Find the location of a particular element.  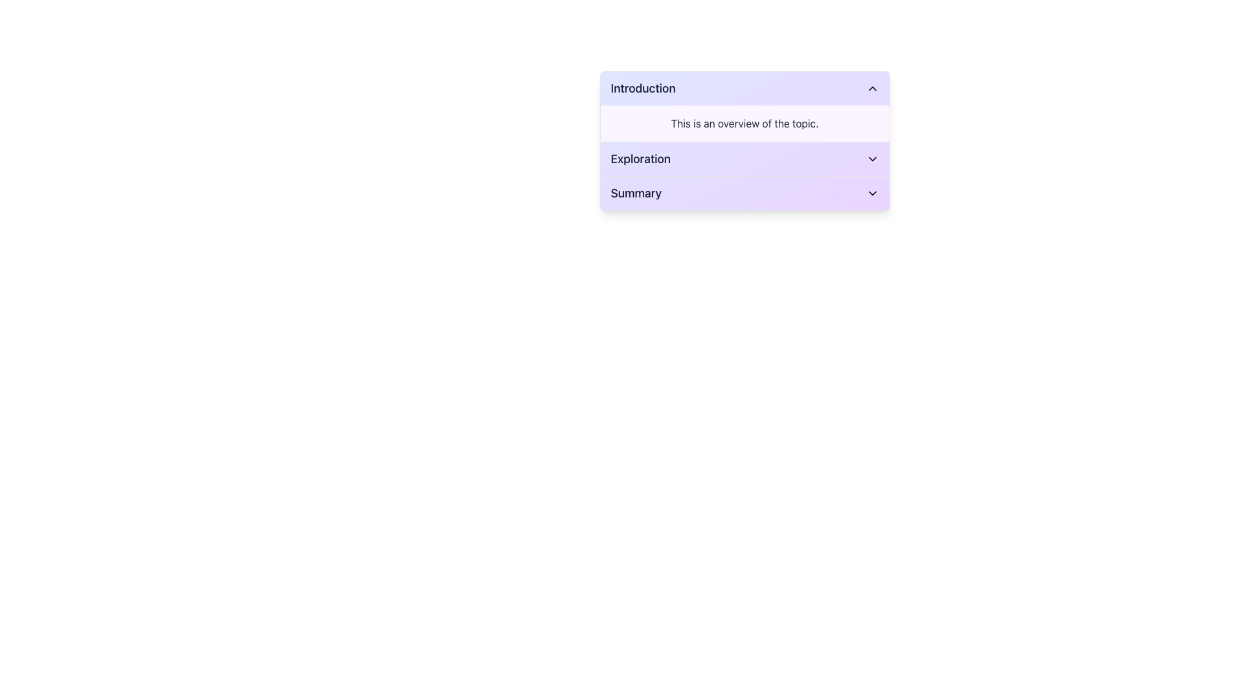

the small upward-pointing chevron icon located at the top-right corner of the 'Introduction' section header is located at coordinates (872, 88).